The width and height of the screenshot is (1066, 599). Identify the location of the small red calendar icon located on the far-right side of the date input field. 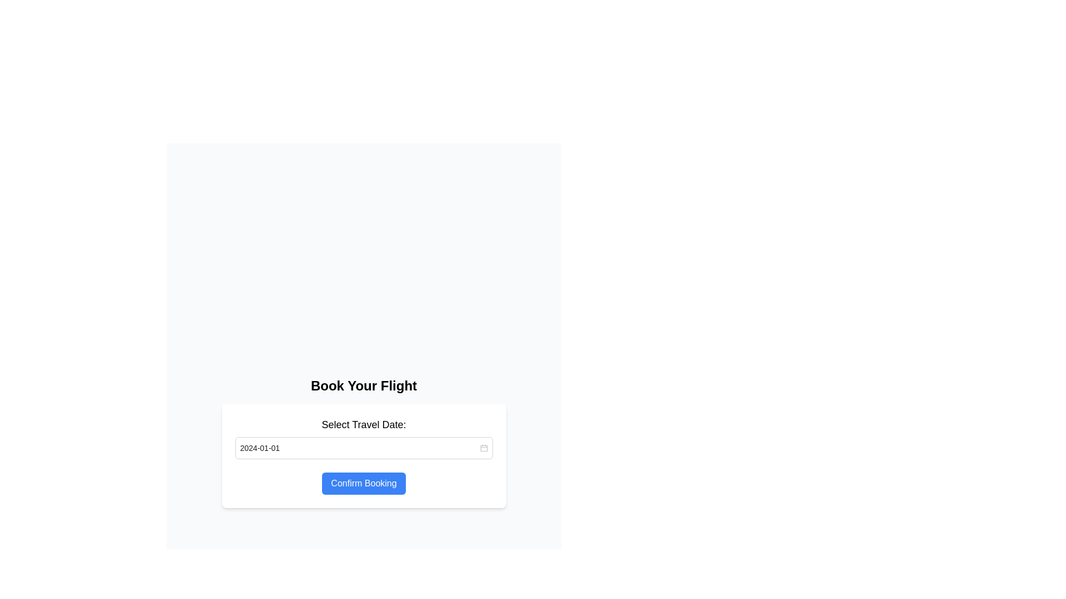
(484, 447).